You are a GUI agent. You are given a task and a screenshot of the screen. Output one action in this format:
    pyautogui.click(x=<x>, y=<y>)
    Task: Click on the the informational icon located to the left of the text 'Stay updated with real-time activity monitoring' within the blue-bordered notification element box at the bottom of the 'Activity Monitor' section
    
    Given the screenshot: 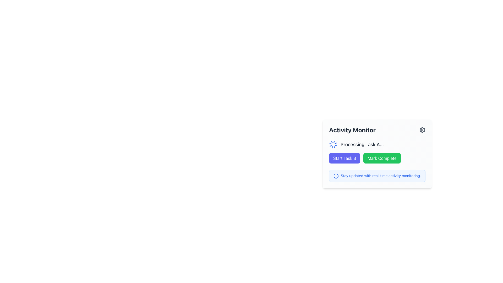 What is the action you would take?
    pyautogui.click(x=336, y=176)
    